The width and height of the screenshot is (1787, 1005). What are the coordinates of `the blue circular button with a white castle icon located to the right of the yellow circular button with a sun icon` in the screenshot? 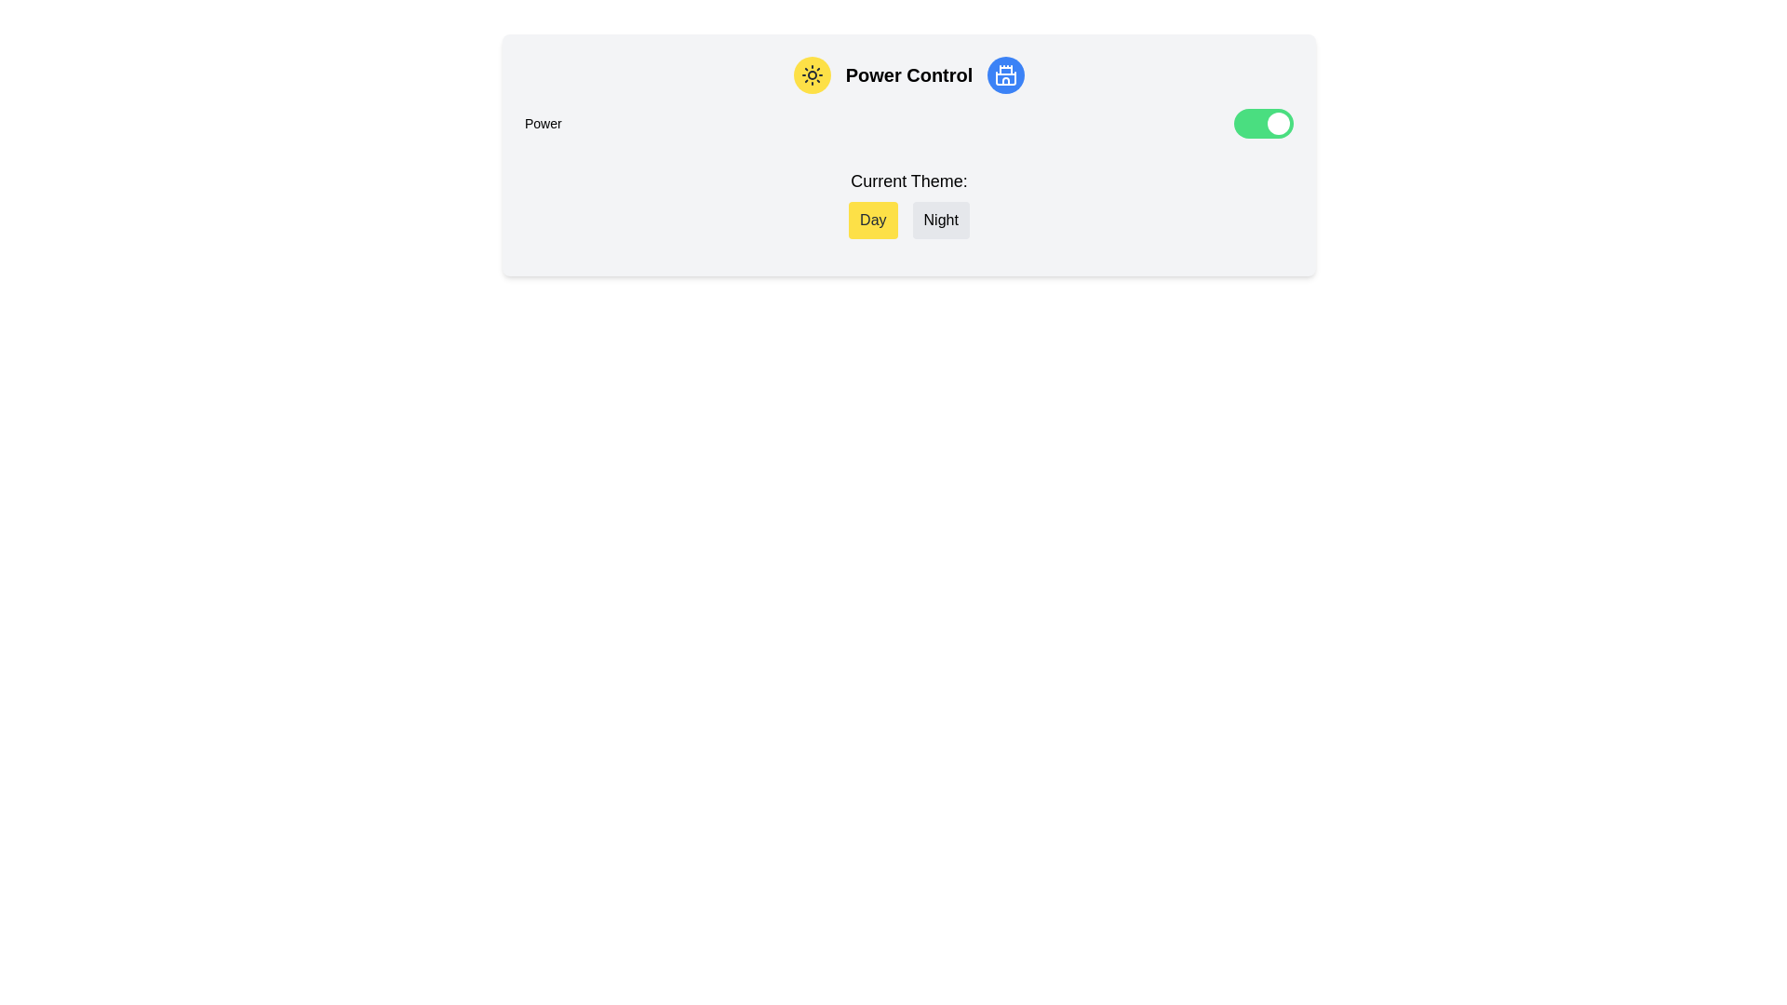 It's located at (1005, 74).